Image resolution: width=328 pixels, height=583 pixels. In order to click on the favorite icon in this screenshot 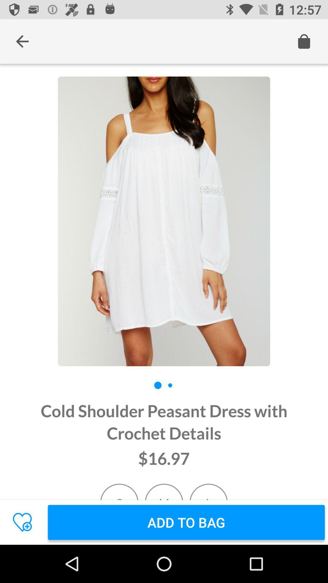, I will do `click(22, 522)`.